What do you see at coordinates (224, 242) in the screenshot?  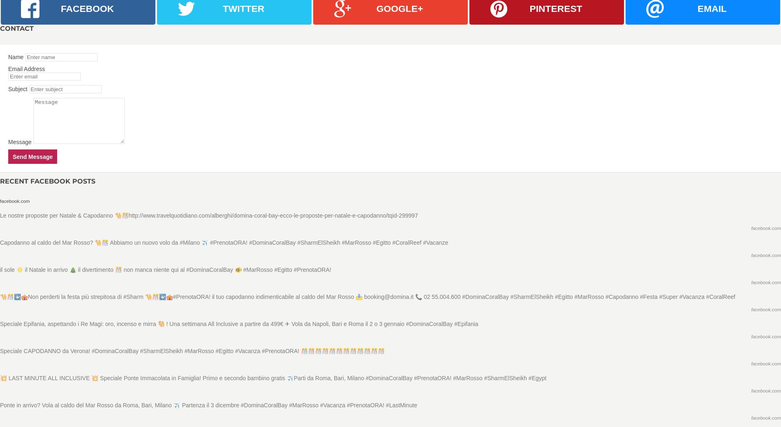 I see `'Capodanno al caldo del Mar Rosso?
🐪🎊
Abbiamo un nuovo volo da #Milano ✈️
#PrenotaORA! #DominaCoralBay #SharmElSheikh #MarRosso #Egitto #CoralReef #Vacanze'` at bounding box center [224, 242].